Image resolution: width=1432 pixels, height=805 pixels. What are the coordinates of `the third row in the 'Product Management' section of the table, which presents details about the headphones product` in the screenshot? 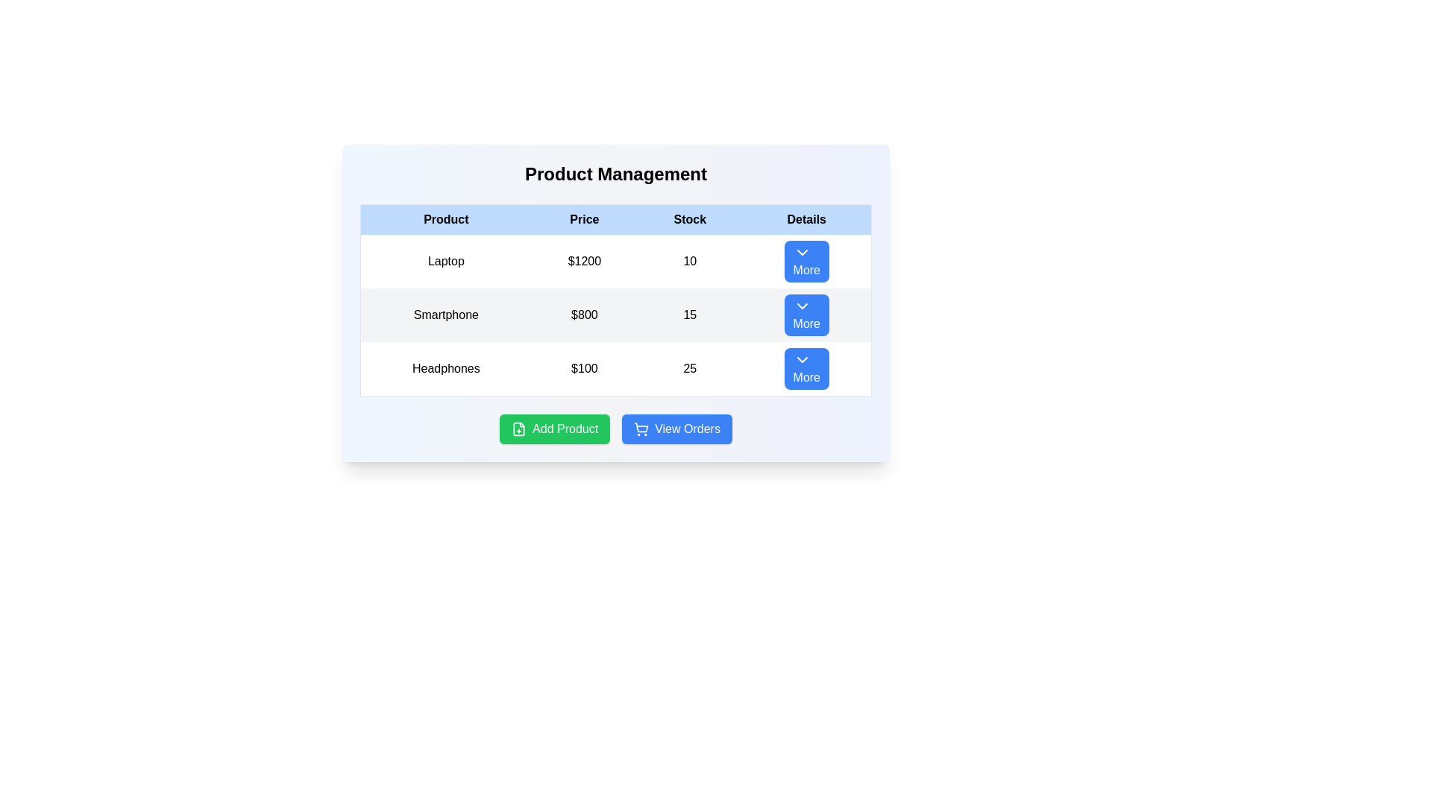 It's located at (615, 368).